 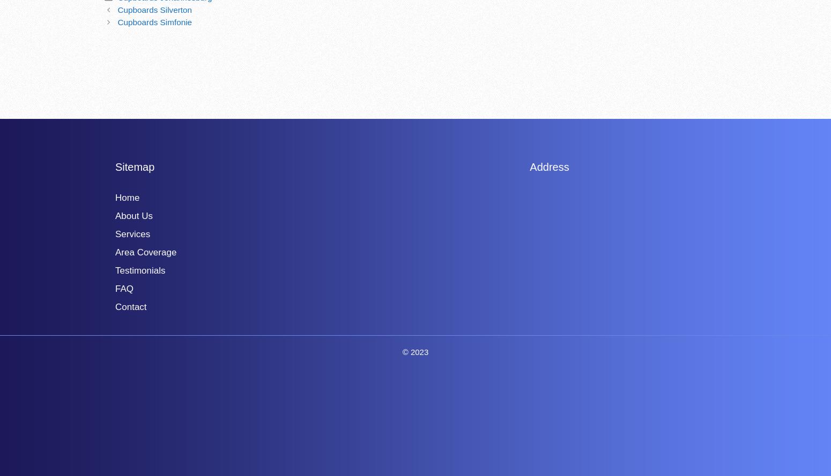 What do you see at coordinates (146, 251) in the screenshot?
I see `'Area Coverage'` at bounding box center [146, 251].